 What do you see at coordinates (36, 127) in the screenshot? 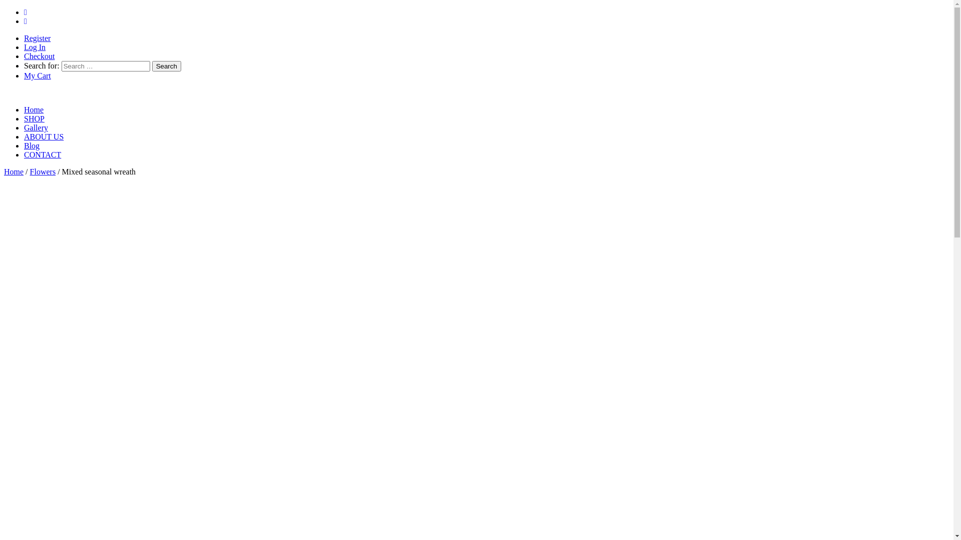
I see `'Gallery'` at bounding box center [36, 127].